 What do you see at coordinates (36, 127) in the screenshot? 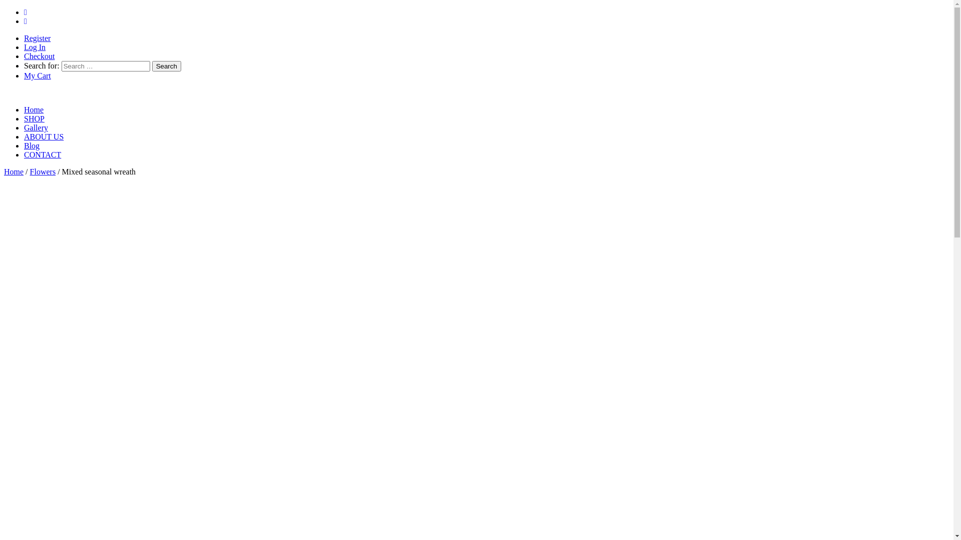
I see `'Gallery'` at bounding box center [36, 127].